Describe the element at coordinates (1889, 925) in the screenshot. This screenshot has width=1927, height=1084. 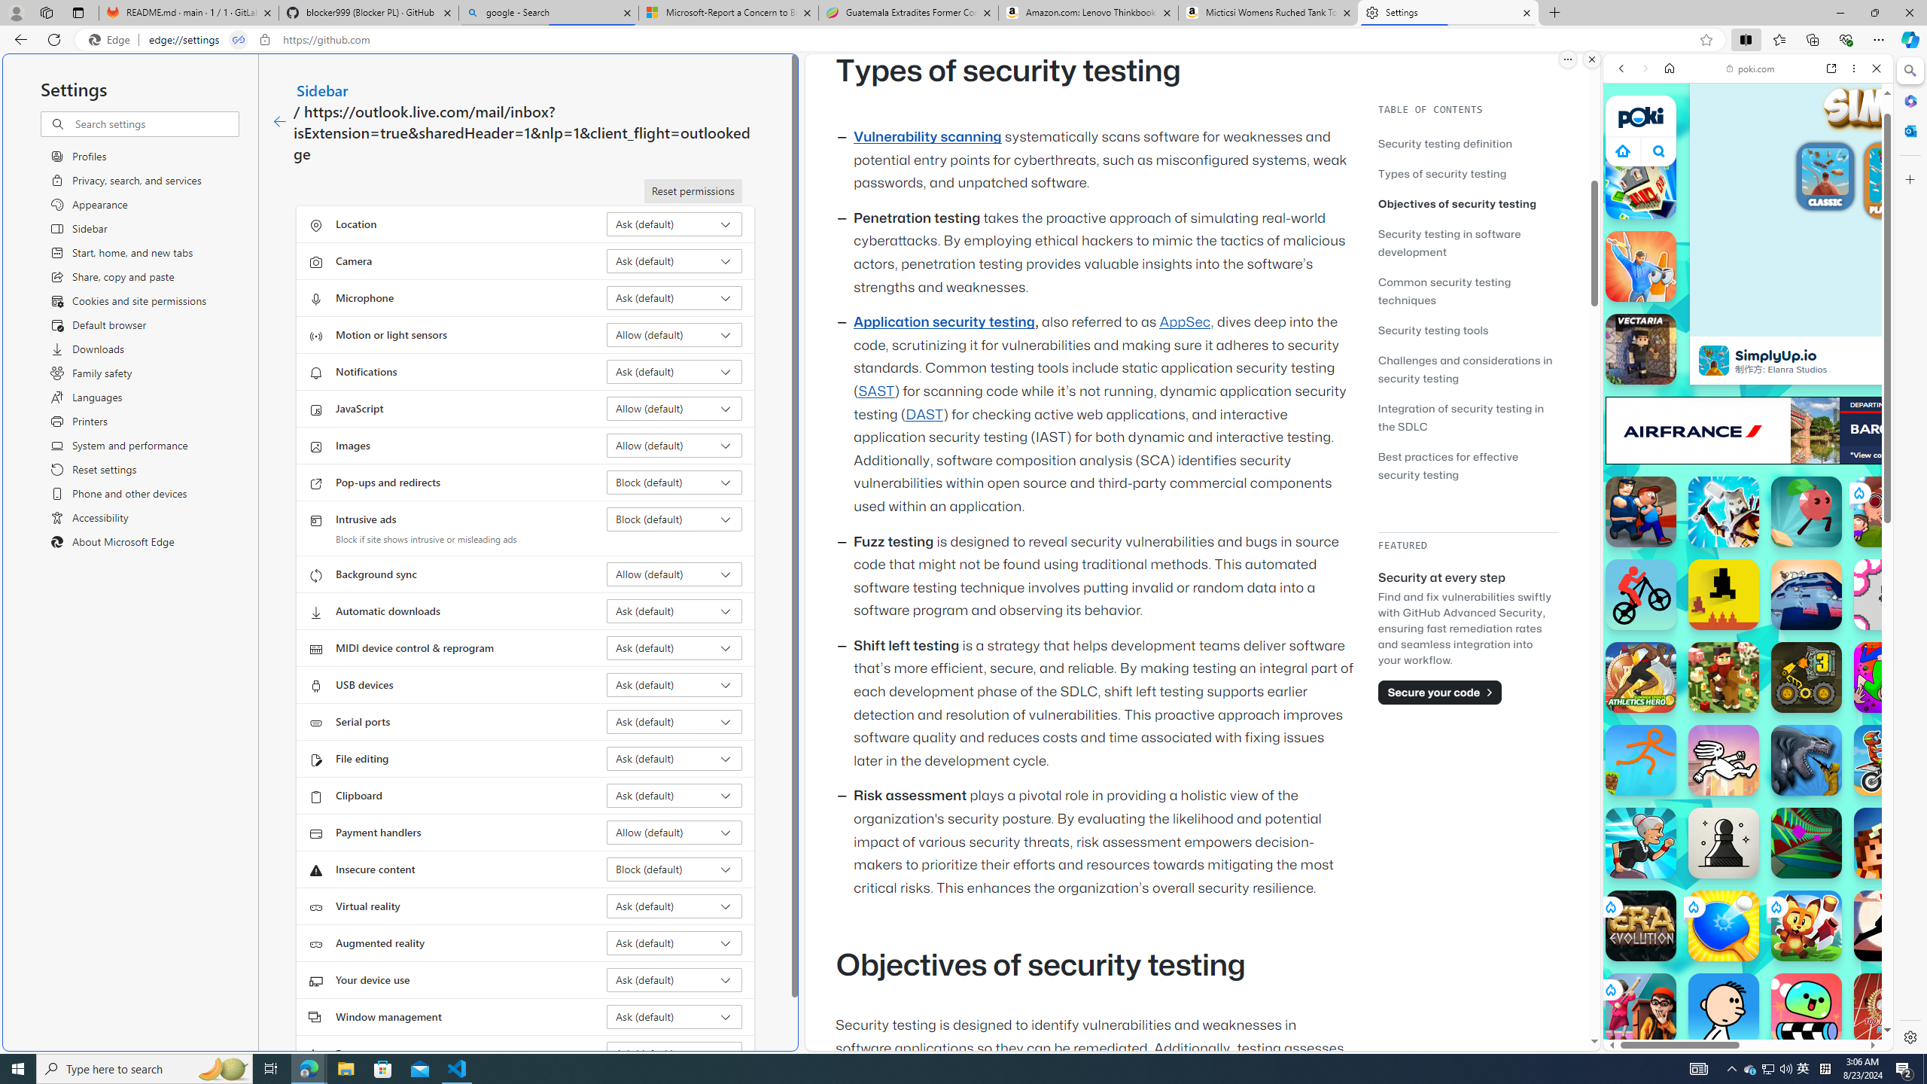
I see `'The Speed Ninja'` at that location.